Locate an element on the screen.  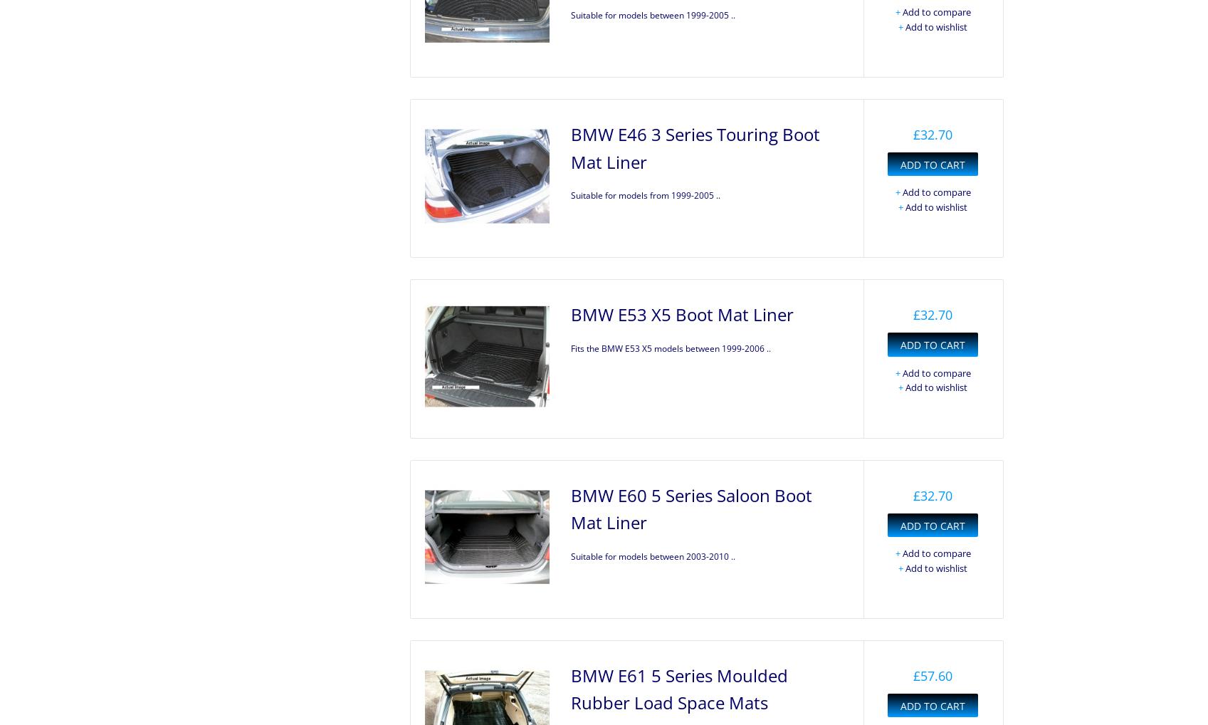
'Suitable for models from 1999-2005
..' is located at coordinates (645, 194).